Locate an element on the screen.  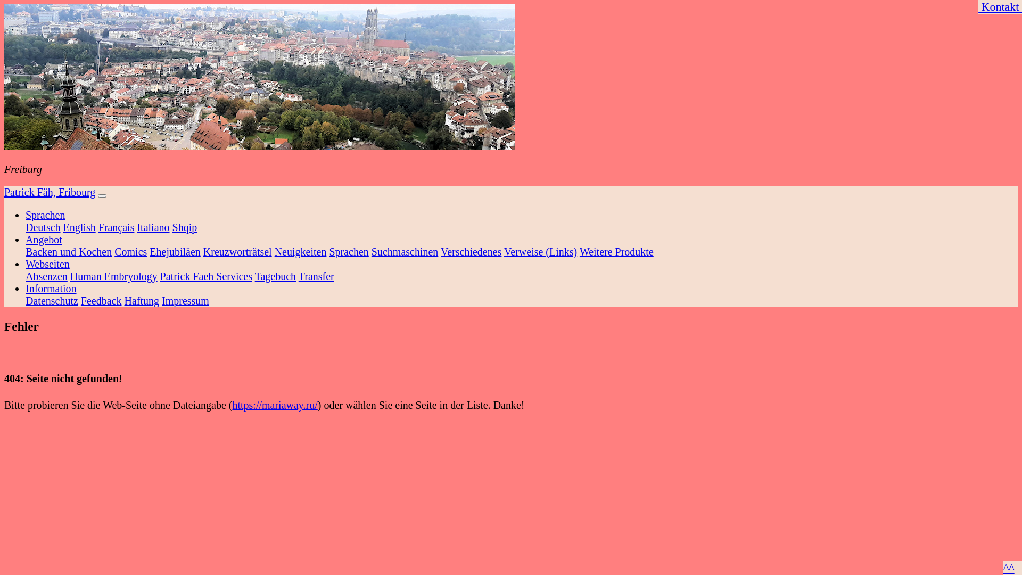
'Backen und Kochen' is located at coordinates (26, 252).